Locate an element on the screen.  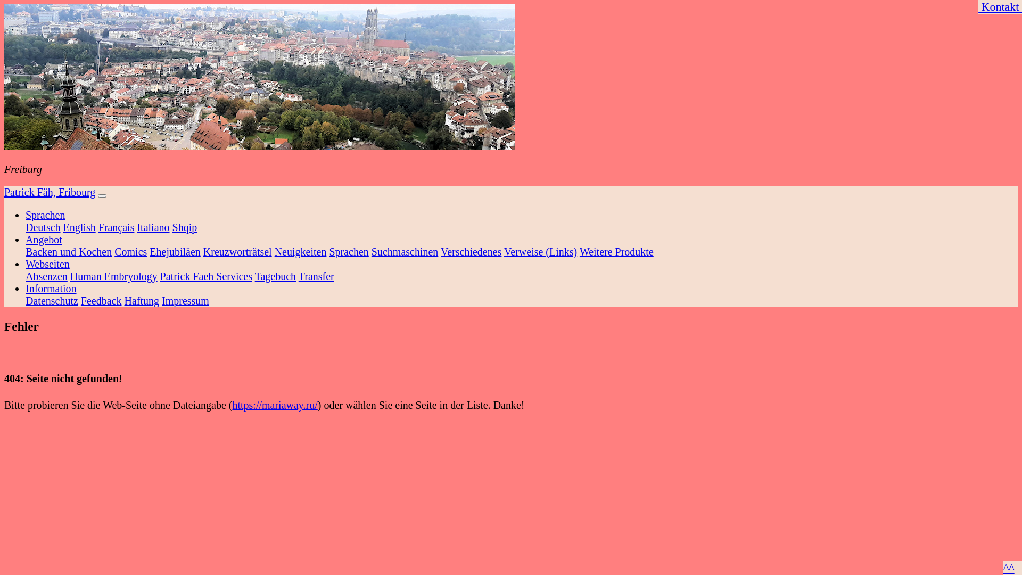
'Backen und Kochen' is located at coordinates (26, 252).